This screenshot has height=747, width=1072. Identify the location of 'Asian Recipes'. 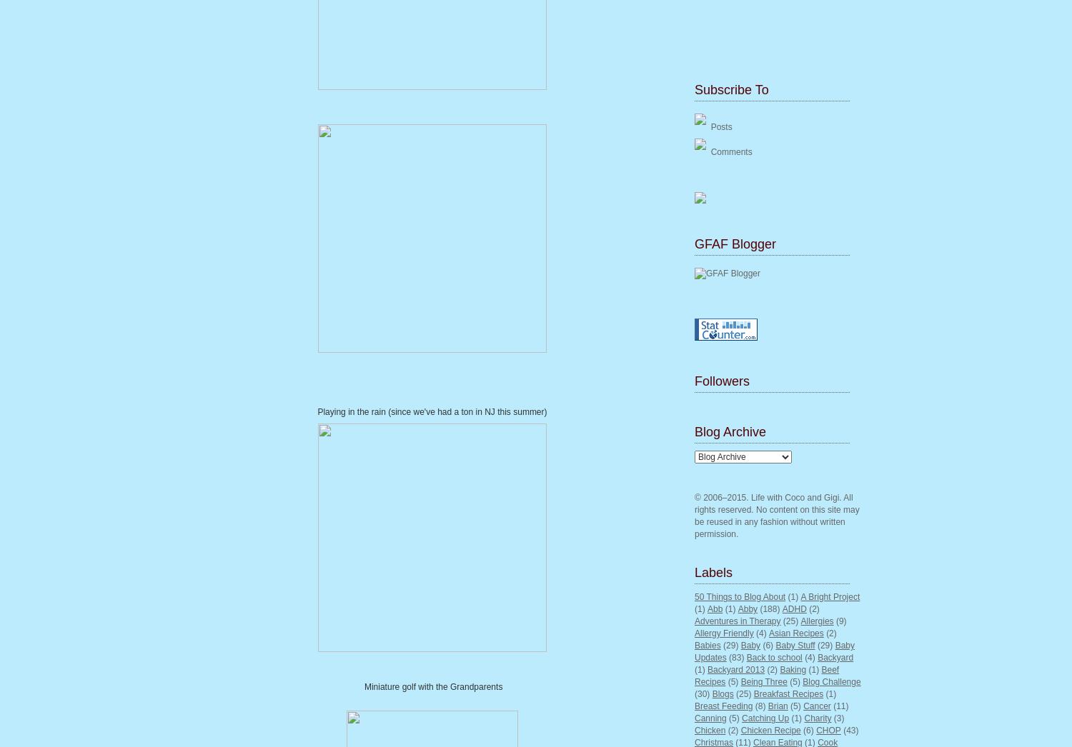
(795, 633).